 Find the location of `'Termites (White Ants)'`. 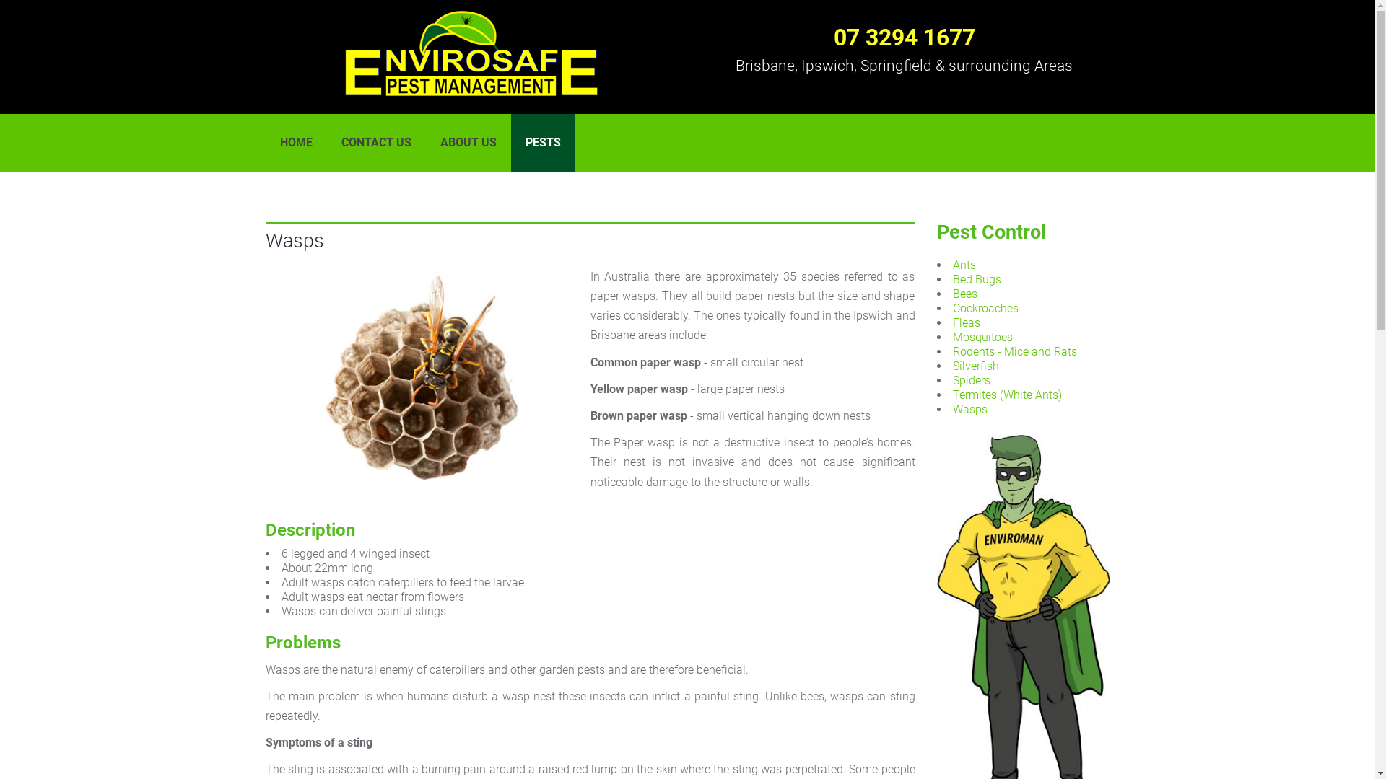

'Termites (White Ants)' is located at coordinates (1006, 395).